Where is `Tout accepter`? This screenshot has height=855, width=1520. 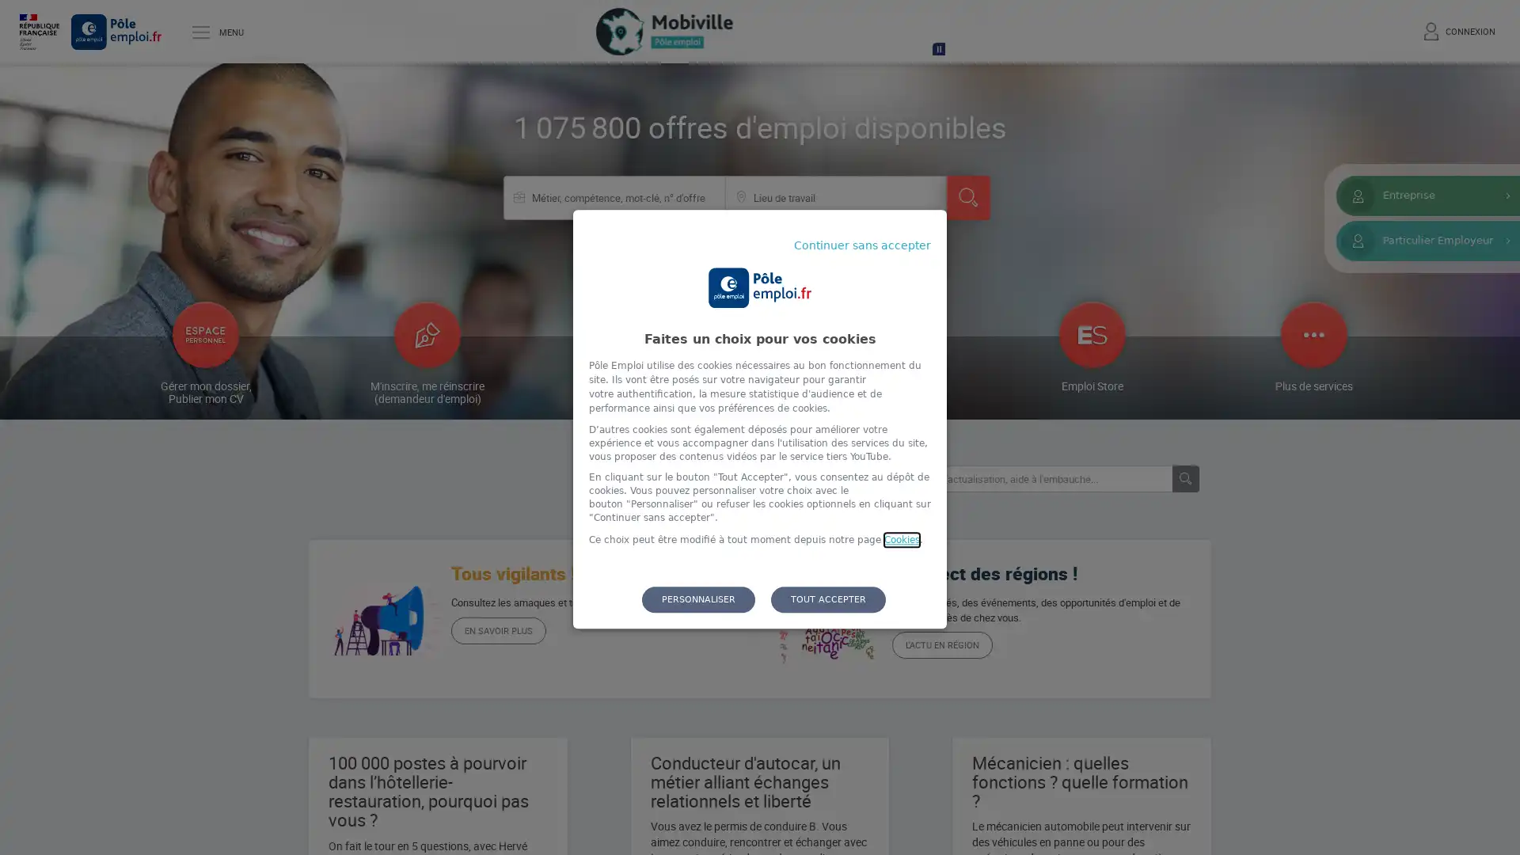
Tout accepter is located at coordinates (827, 598).